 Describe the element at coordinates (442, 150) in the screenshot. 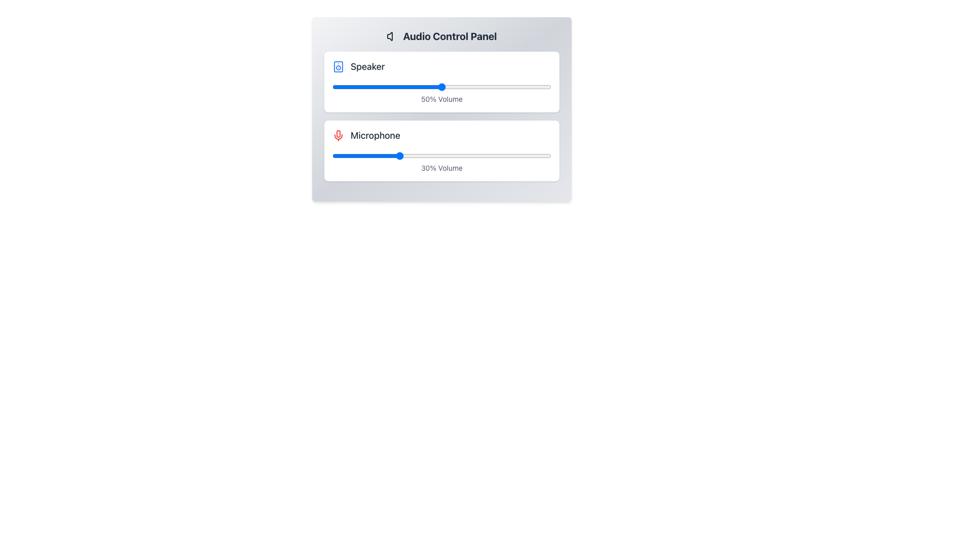

I see `volume percentage displayed below the microphone volume slider in the Audio Control Panel, which shows '30%'` at that location.